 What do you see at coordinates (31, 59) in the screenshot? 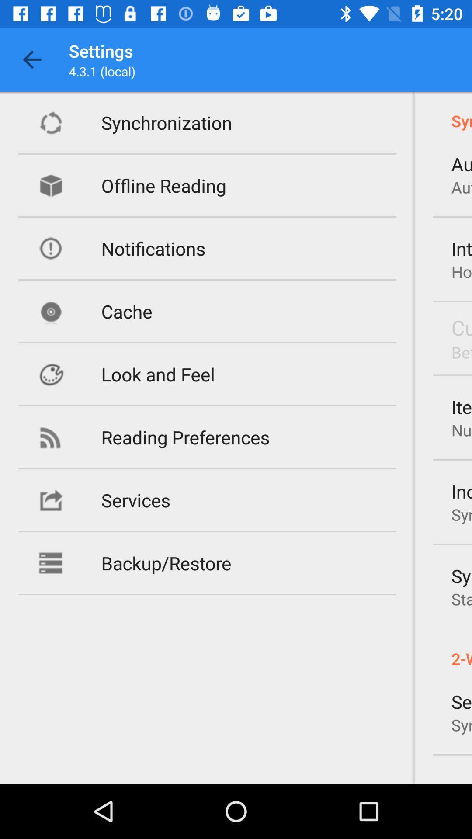
I see `item to the left of settings app` at bounding box center [31, 59].